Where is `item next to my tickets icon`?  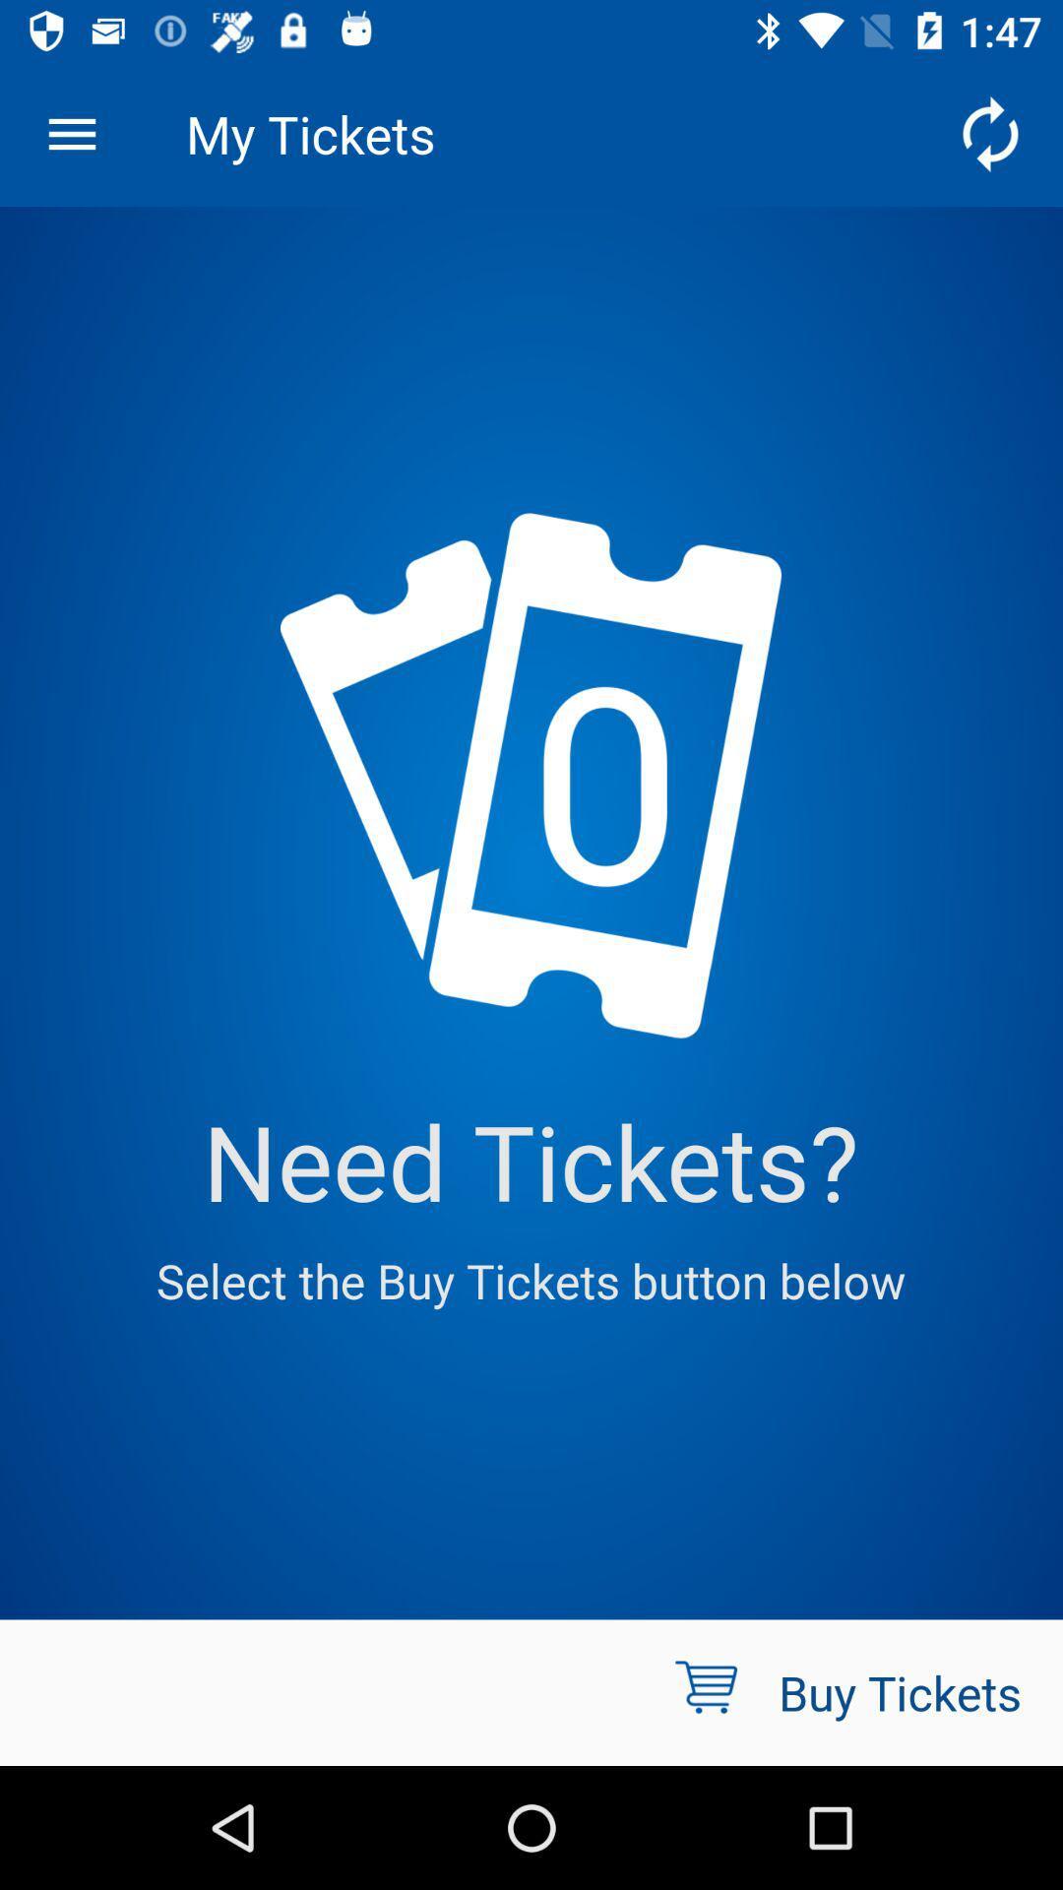 item next to my tickets icon is located at coordinates (71, 133).